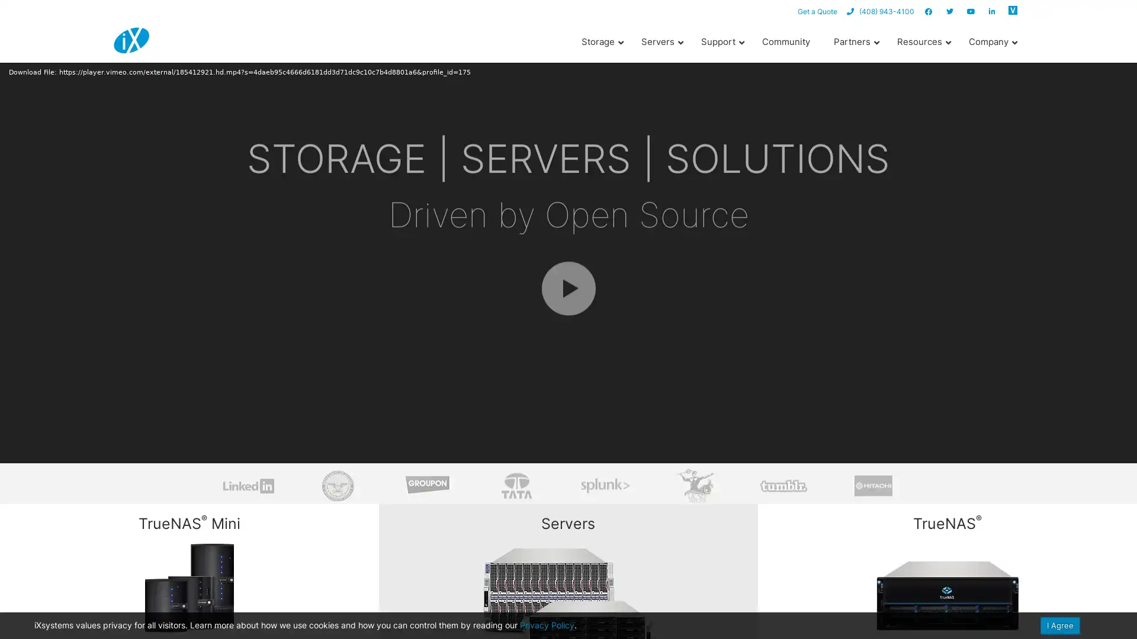 The image size is (1137, 639). What do you see at coordinates (1060, 625) in the screenshot?
I see `I Agree` at bounding box center [1060, 625].